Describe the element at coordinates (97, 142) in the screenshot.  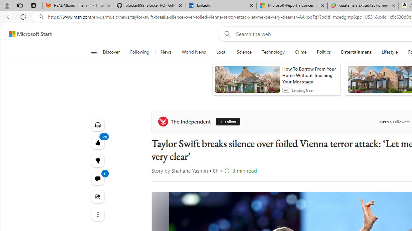
I see `'228 Like'` at that location.